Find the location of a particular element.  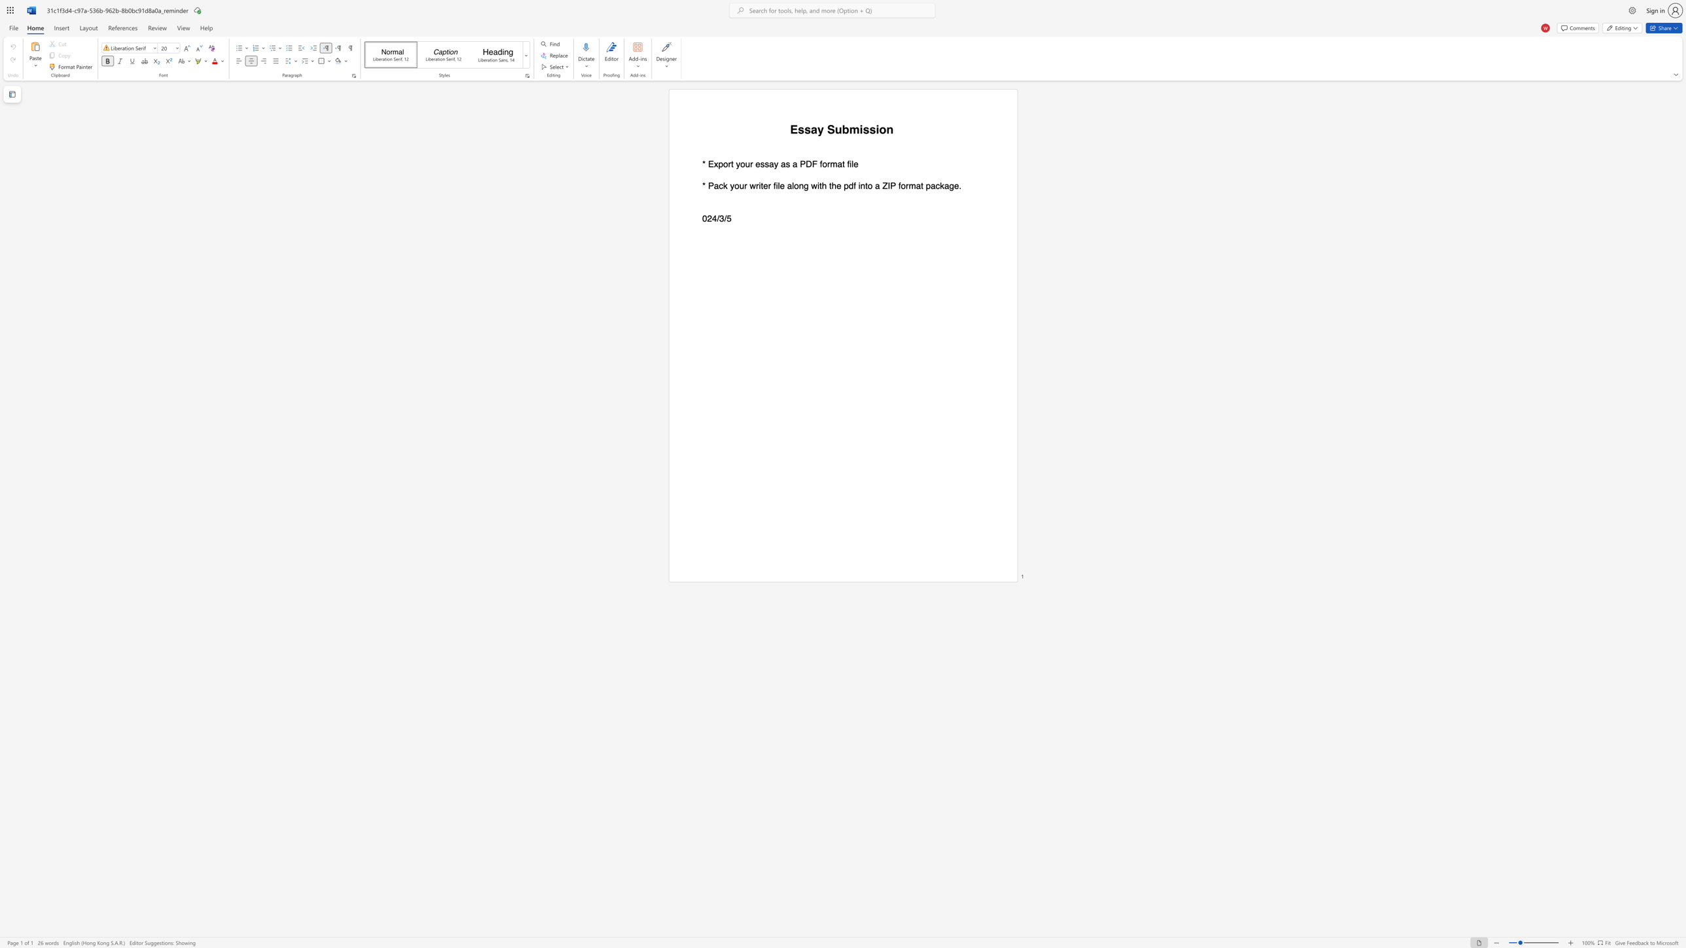

the subset text "Su" within the text "Essay Submission" is located at coordinates (827, 129).